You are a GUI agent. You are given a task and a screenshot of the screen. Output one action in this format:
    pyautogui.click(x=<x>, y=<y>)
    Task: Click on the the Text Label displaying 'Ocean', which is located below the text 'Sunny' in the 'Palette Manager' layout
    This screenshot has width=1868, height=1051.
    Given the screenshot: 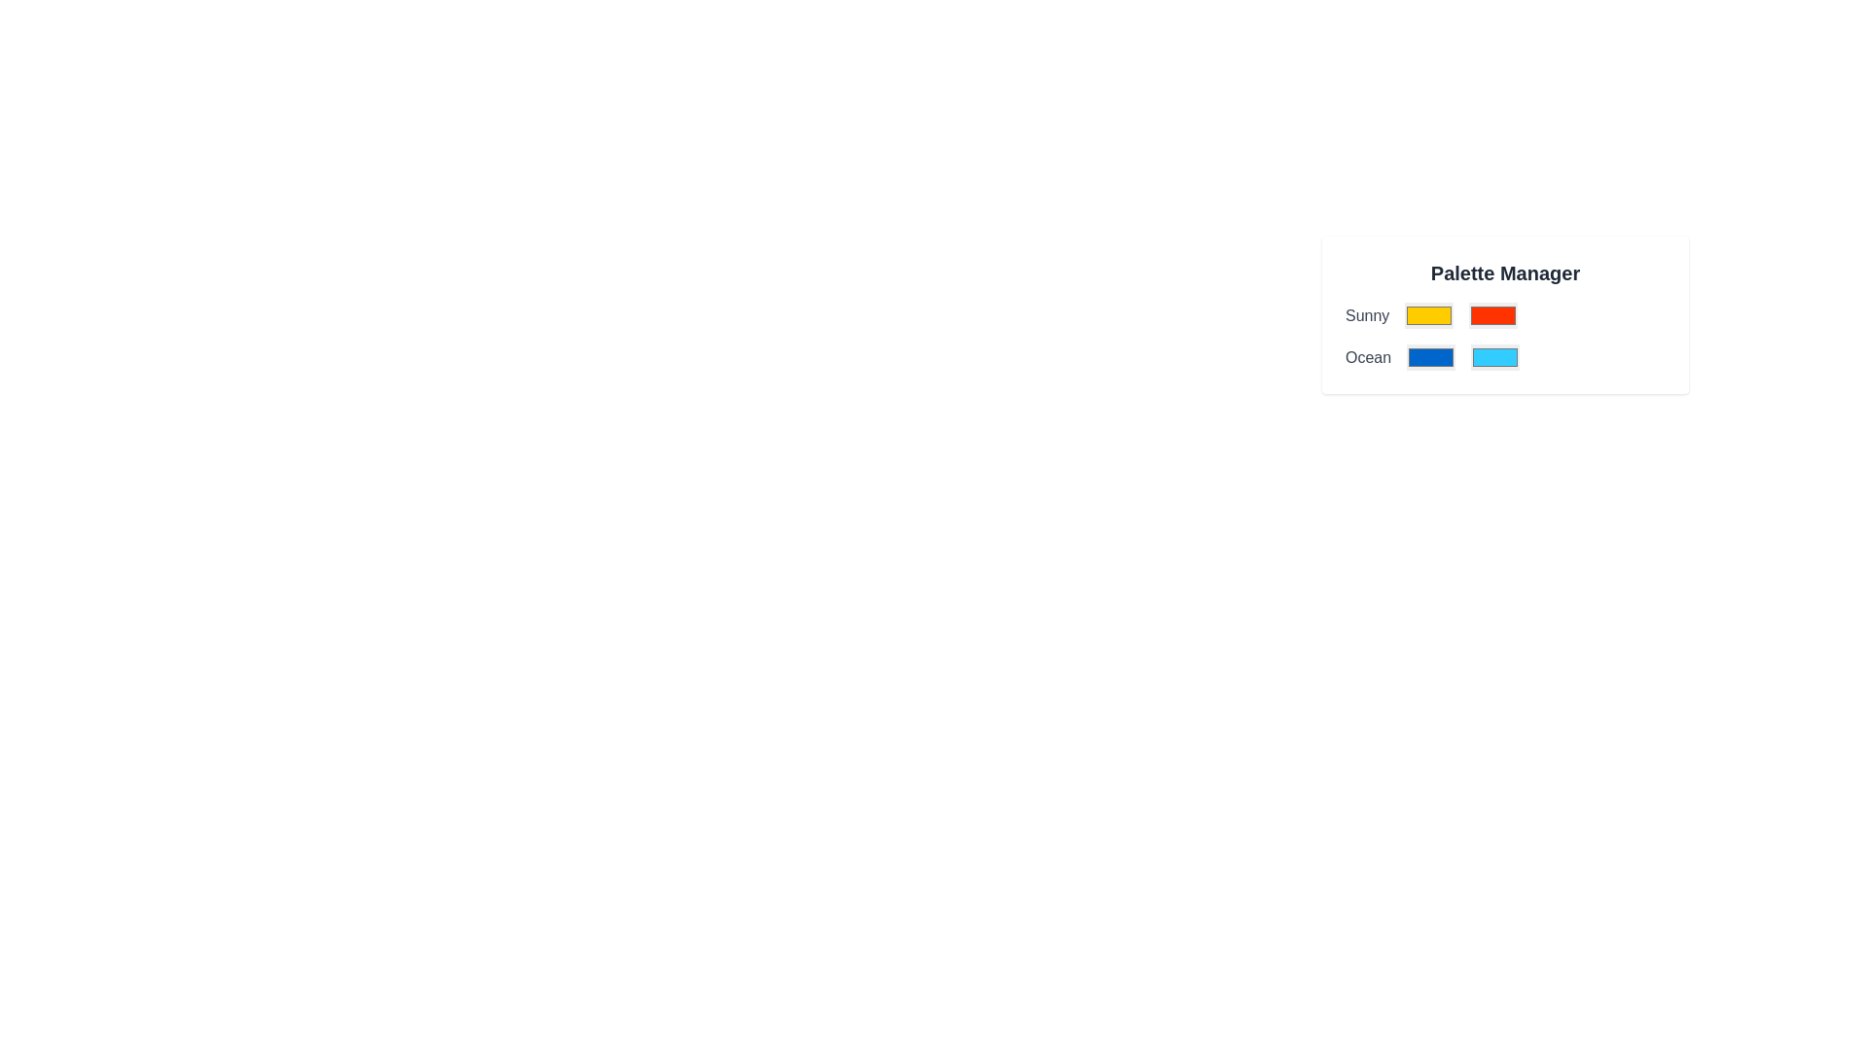 What is the action you would take?
    pyautogui.click(x=1367, y=357)
    